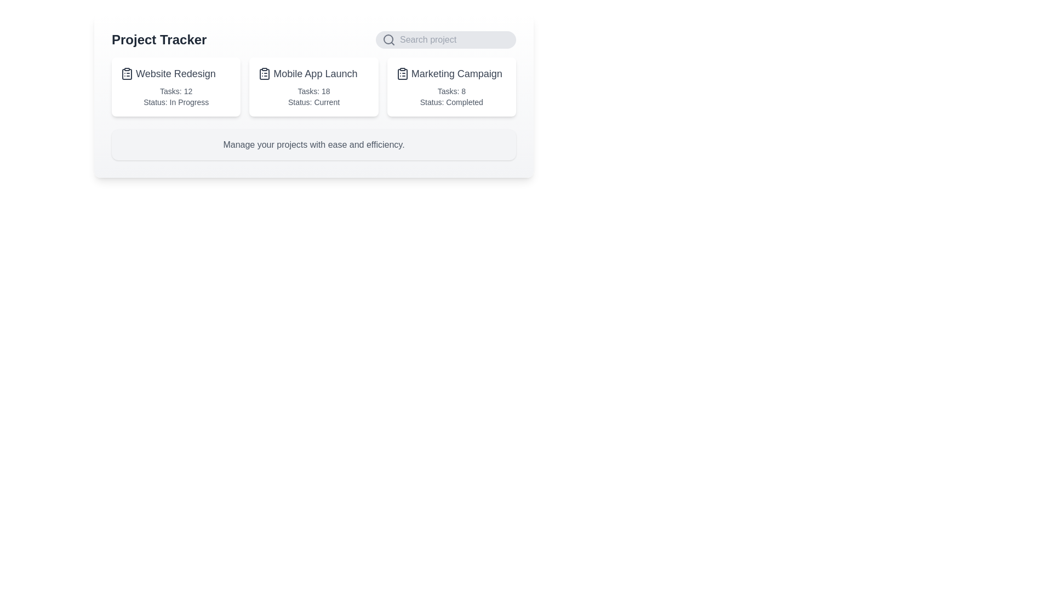 The width and height of the screenshot is (1052, 591). What do you see at coordinates (265, 74) in the screenshot?
I see `the icon representing the 'Mobile App Launch' category` at bounding box center [265, 74].